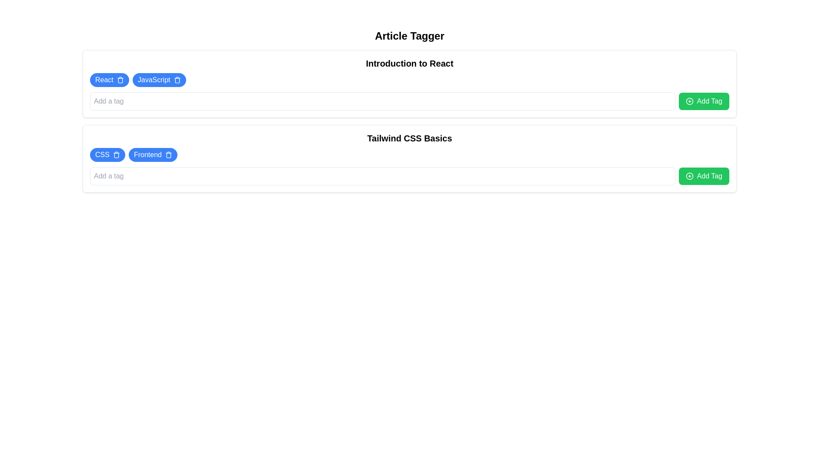 This screenshot has height=470, width=835. I want to click on the circular icon component representing the addition or creation action next to the 'Add Tag' button for the 'Tailwind CSS Basics' entry, so click(689, 176).